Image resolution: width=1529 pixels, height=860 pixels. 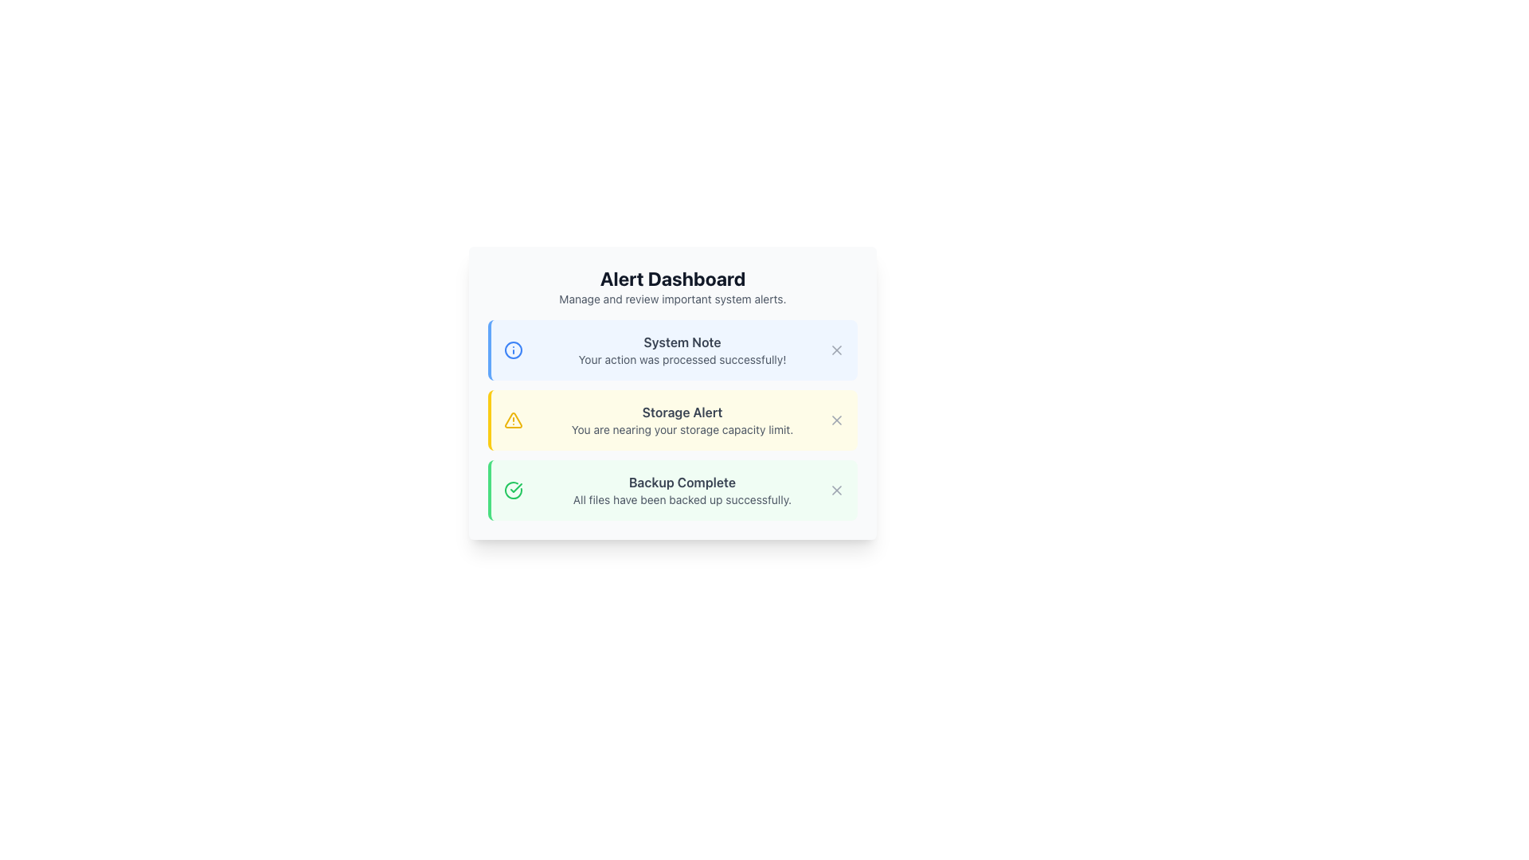 What do you see at coordinates (513, 420) in the screenshot?
I see `the warning icon located within the 'Storage Alert' notification card, which indicates an alert or important message related to storage` at bounding box center [513, 420].